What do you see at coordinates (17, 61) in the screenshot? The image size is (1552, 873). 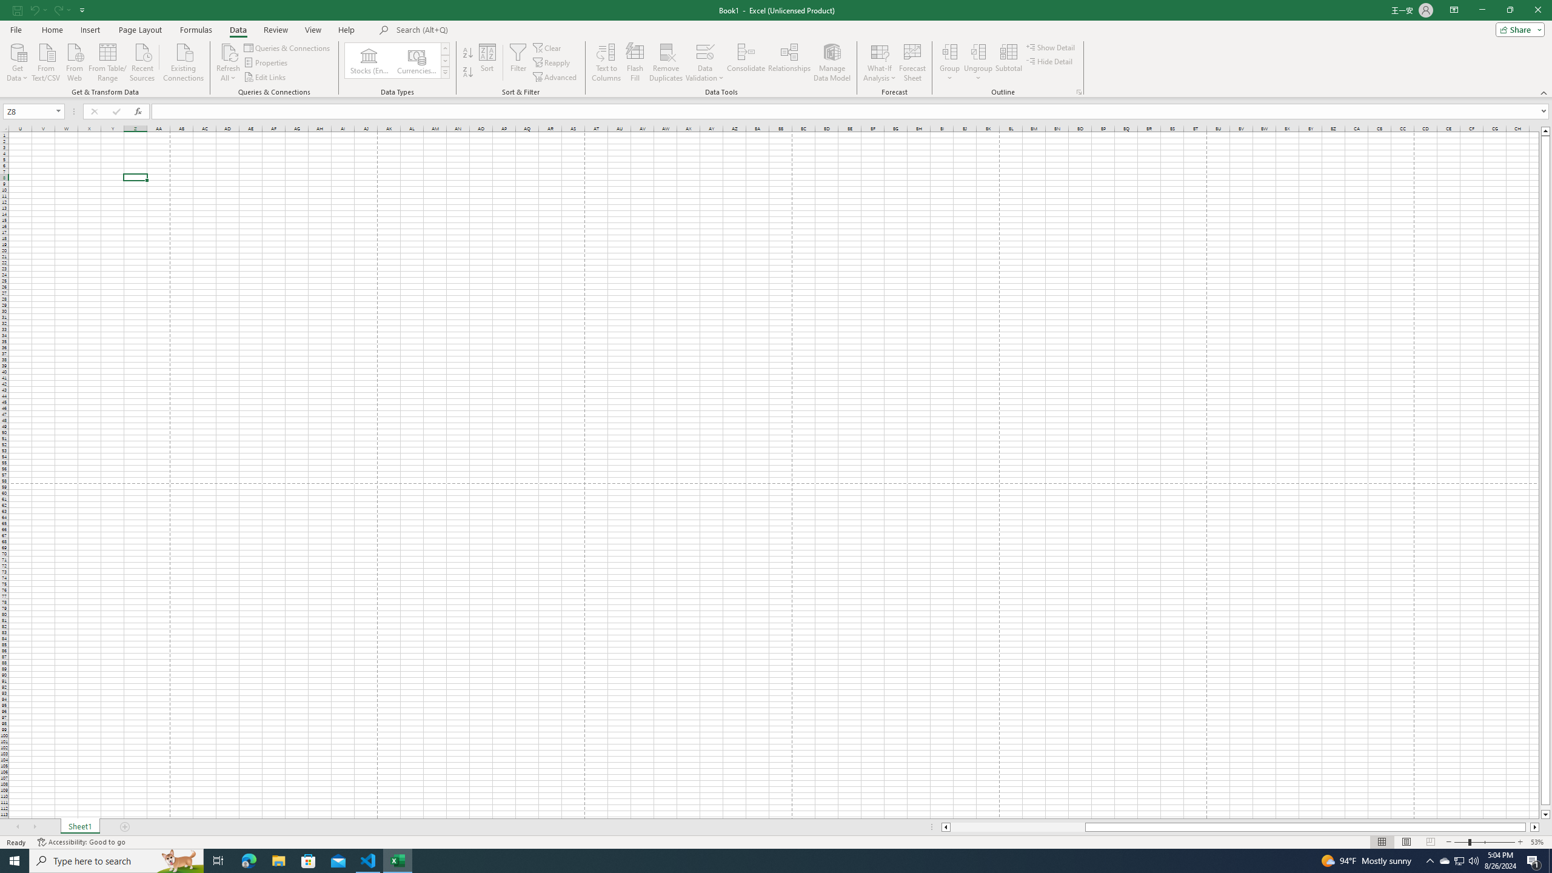 I see `'Get Data'` at bounding box center [17, 61].